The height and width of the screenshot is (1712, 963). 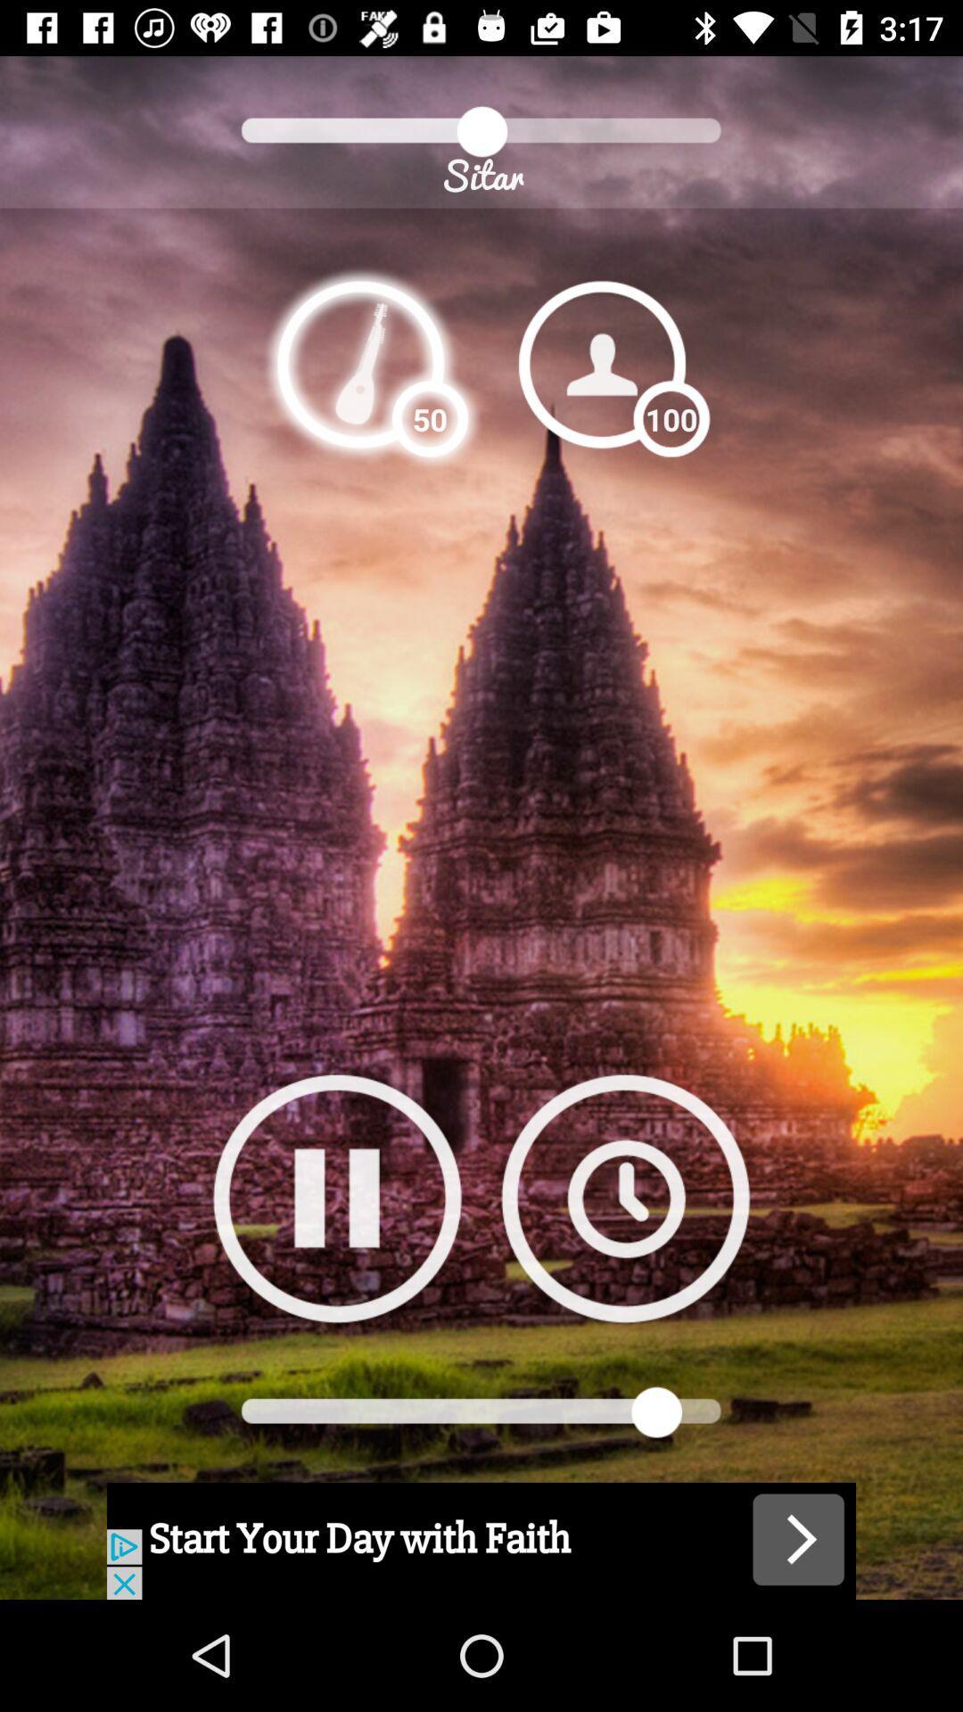 I want to click on element volume control, so click(x=360, y=363).